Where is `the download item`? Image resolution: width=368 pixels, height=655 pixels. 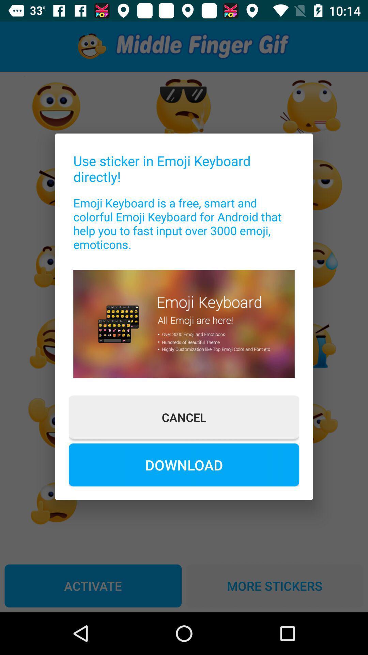 the download item is located at coordinates (184, 464).